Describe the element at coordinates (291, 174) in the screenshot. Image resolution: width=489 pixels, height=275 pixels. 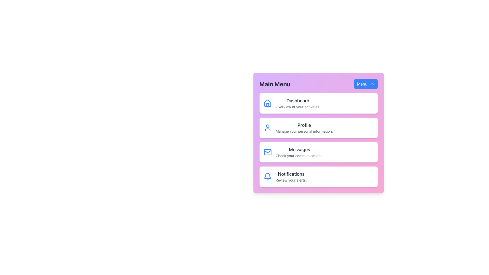
I see `the 'Notifications' static text label, which is styled in a large, bold font and located within the fourth menu option of the Main Menu interface` at that location.